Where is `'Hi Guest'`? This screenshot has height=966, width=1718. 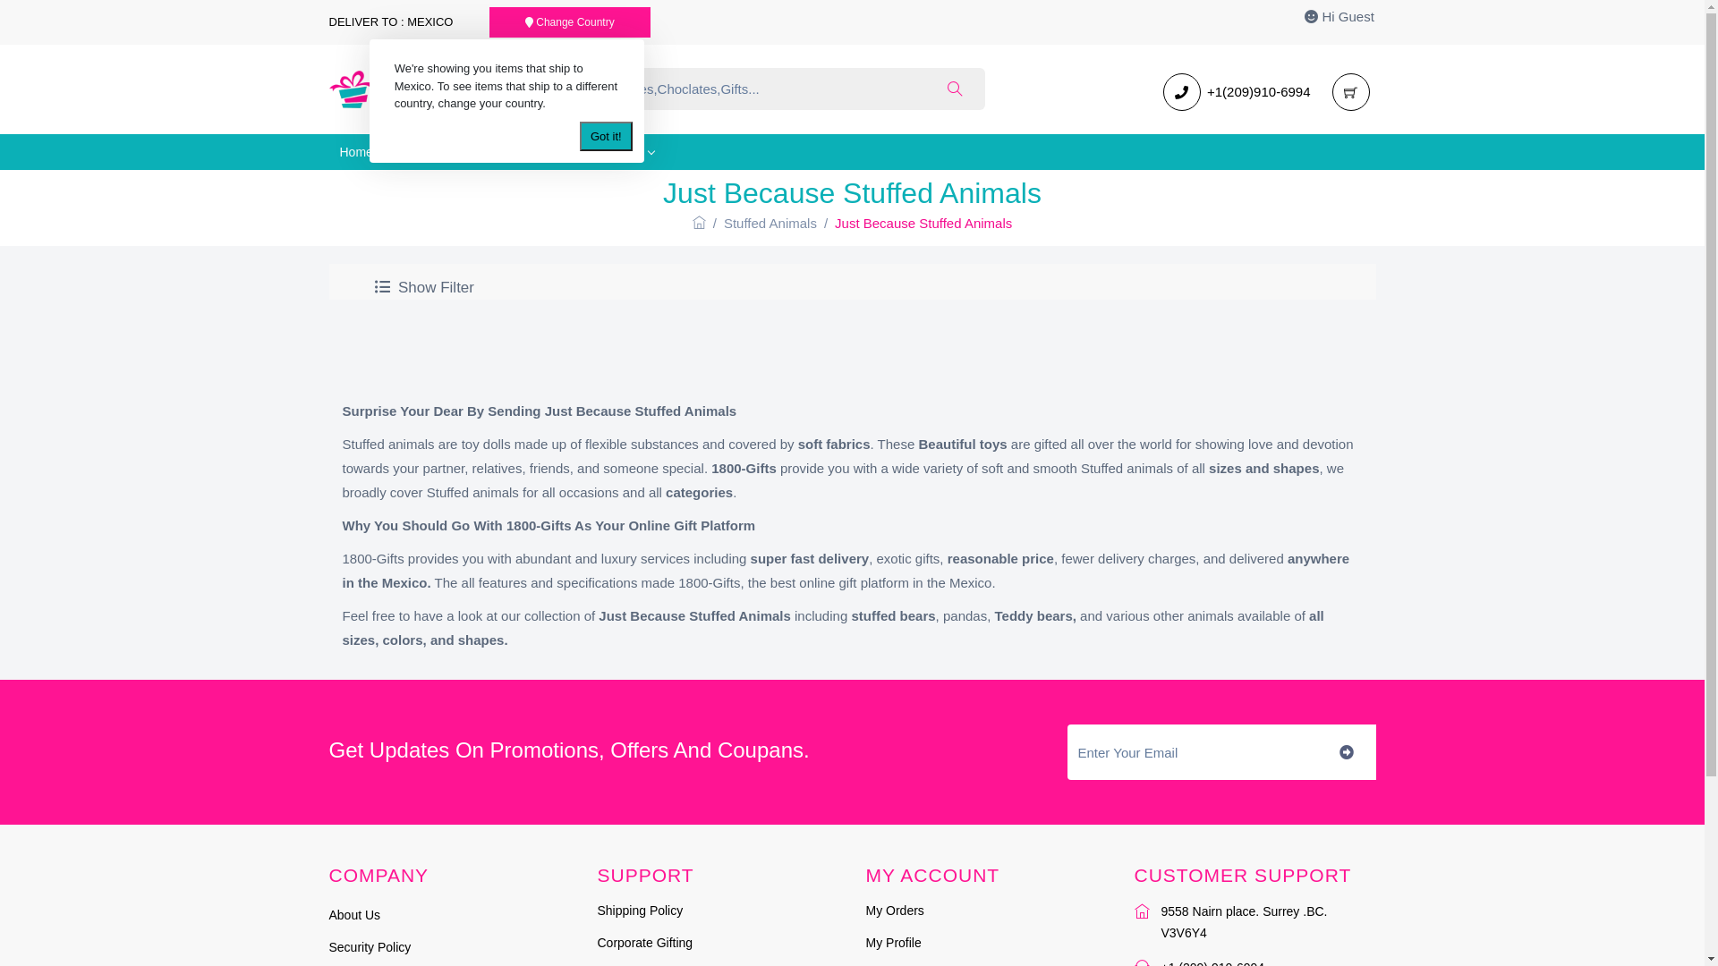
'Hi Guest' is located at coordinates (1340, 16).